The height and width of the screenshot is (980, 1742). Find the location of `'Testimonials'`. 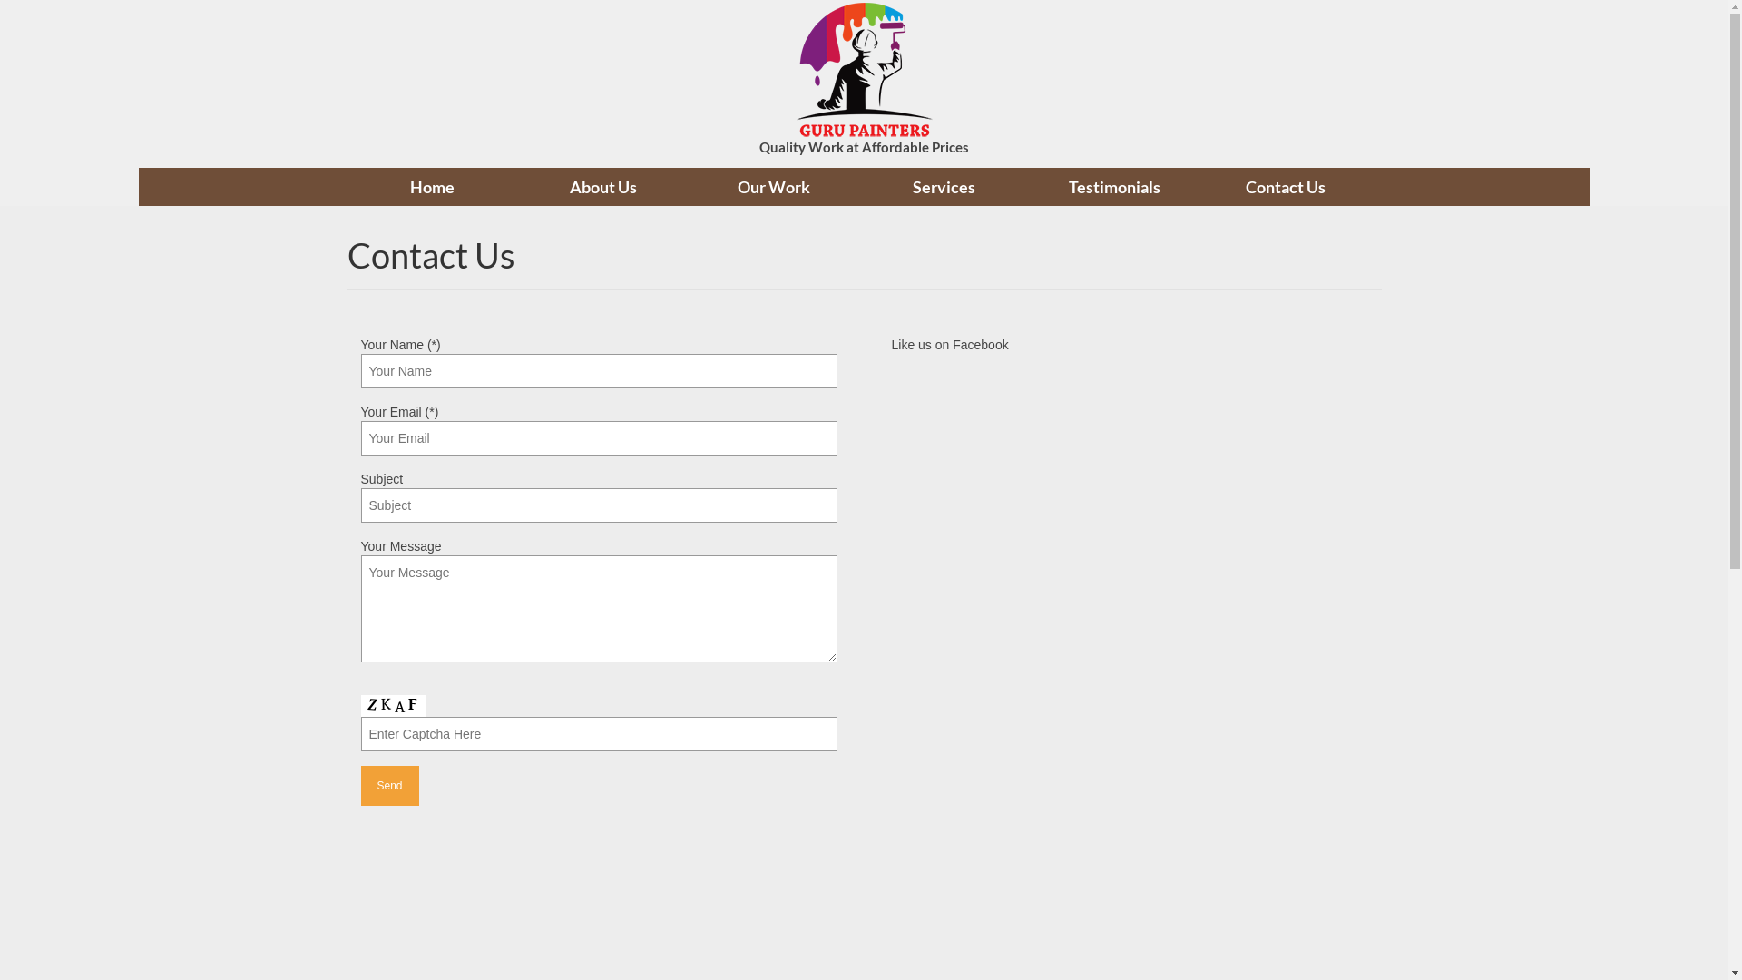

'Testimonials' is located at coordinates (1113, 186).